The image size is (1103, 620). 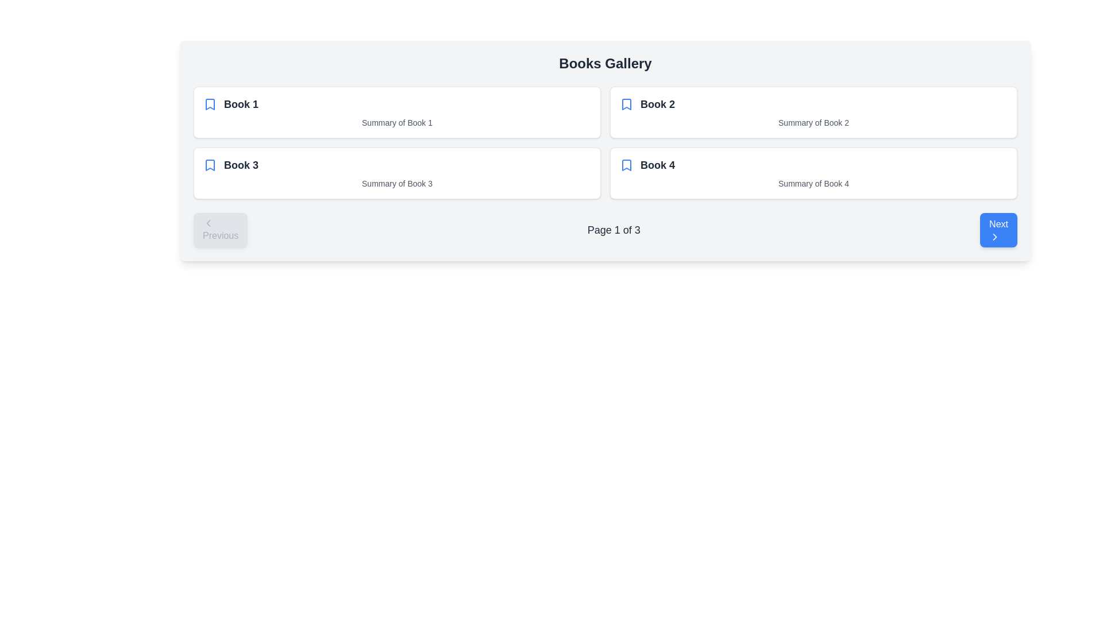 What do you see at coordinates (210, 165) in the screenshot?
I see `the blue bookmark icon located to the left of the text 'Book 3' in the same row, which is styled with a distinct outline` at bounding box center [210, 165].